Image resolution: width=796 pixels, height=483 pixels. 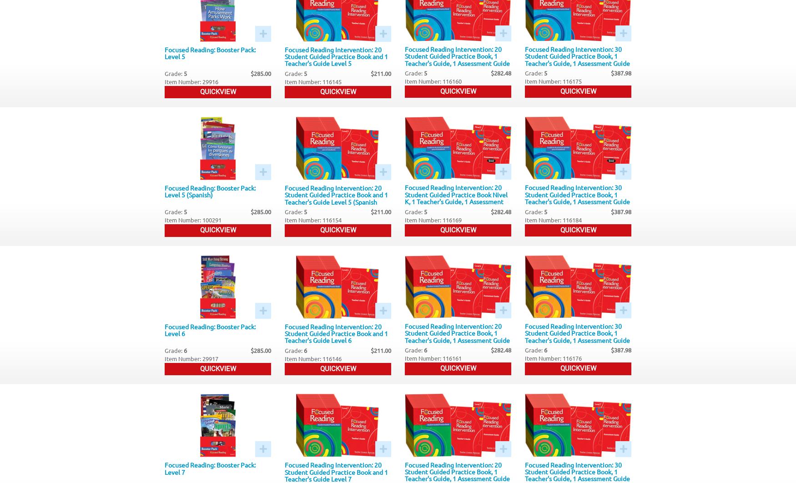 What do you see at coordinates (577, 59) in the screenshot?
I see `'Focused Reading Intervention: 30 Student Guided Practice Book, 1 Teacher's Guide, 1 Assessment Guide Level 5'` at bounding box center [577, 59].